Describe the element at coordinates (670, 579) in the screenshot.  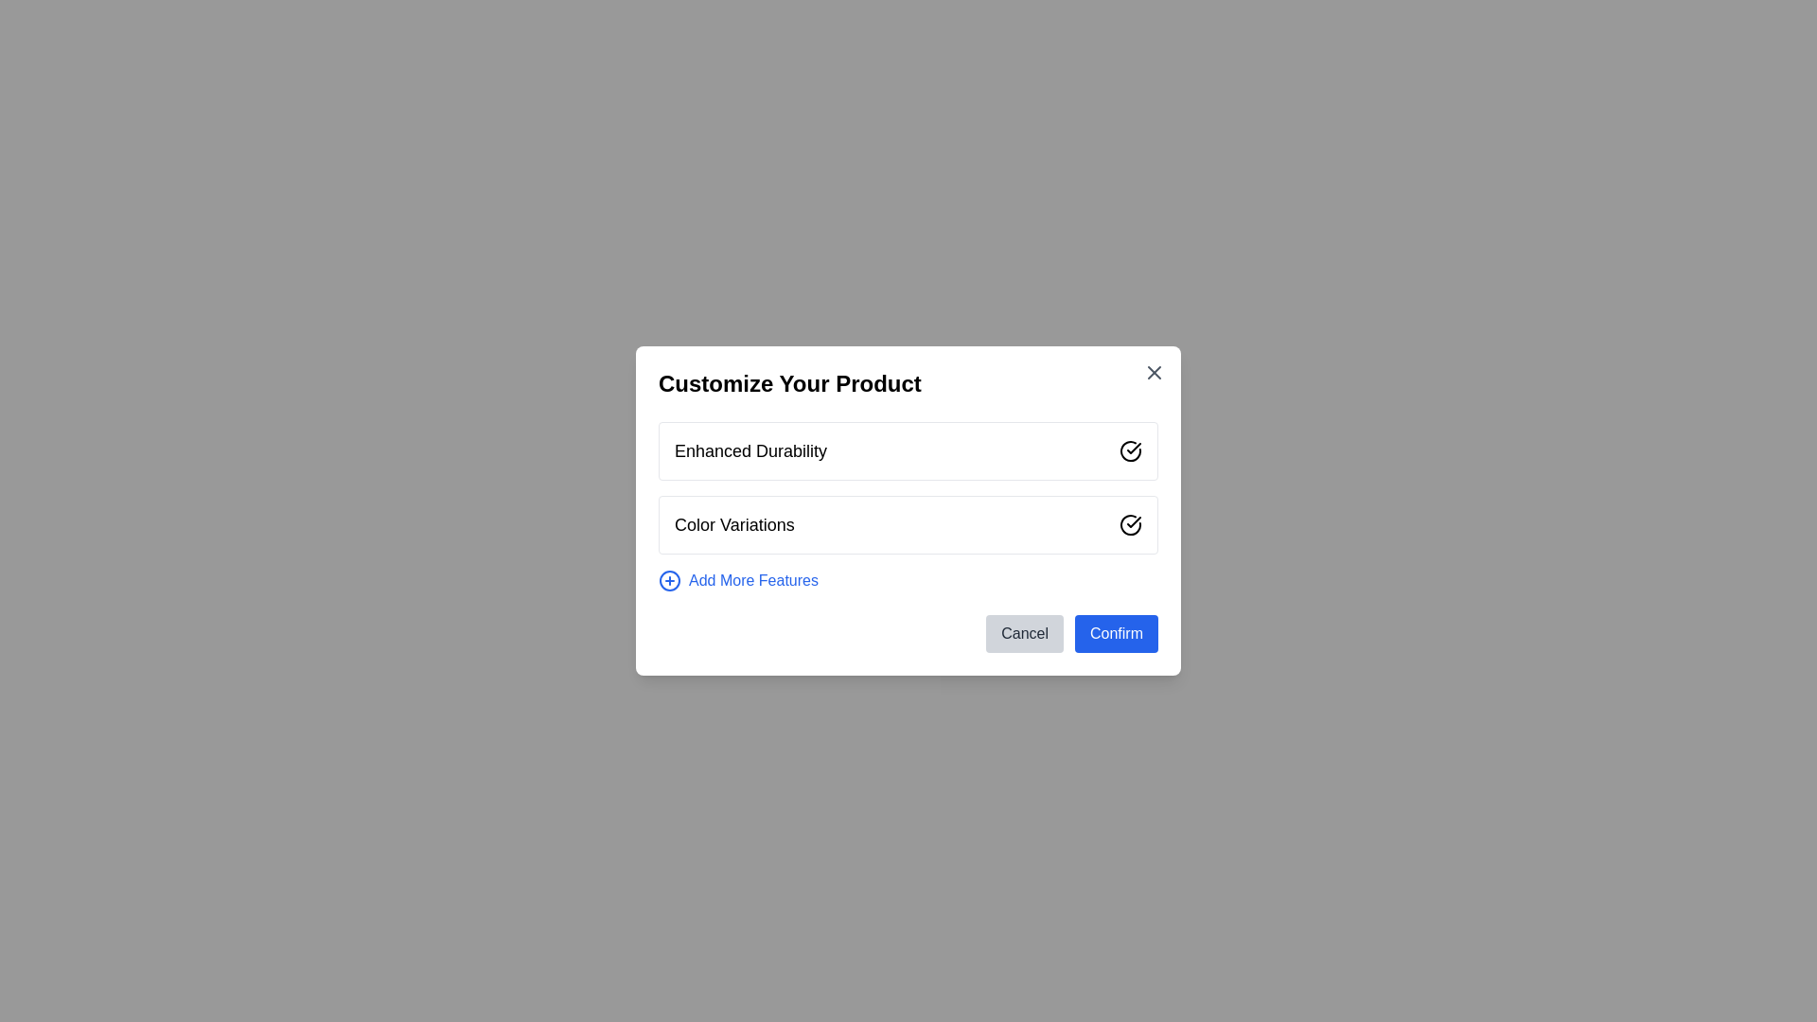
I see `the circular '+' icon with a blue outline, located to the left of the 'Add More Features' text` at that location.